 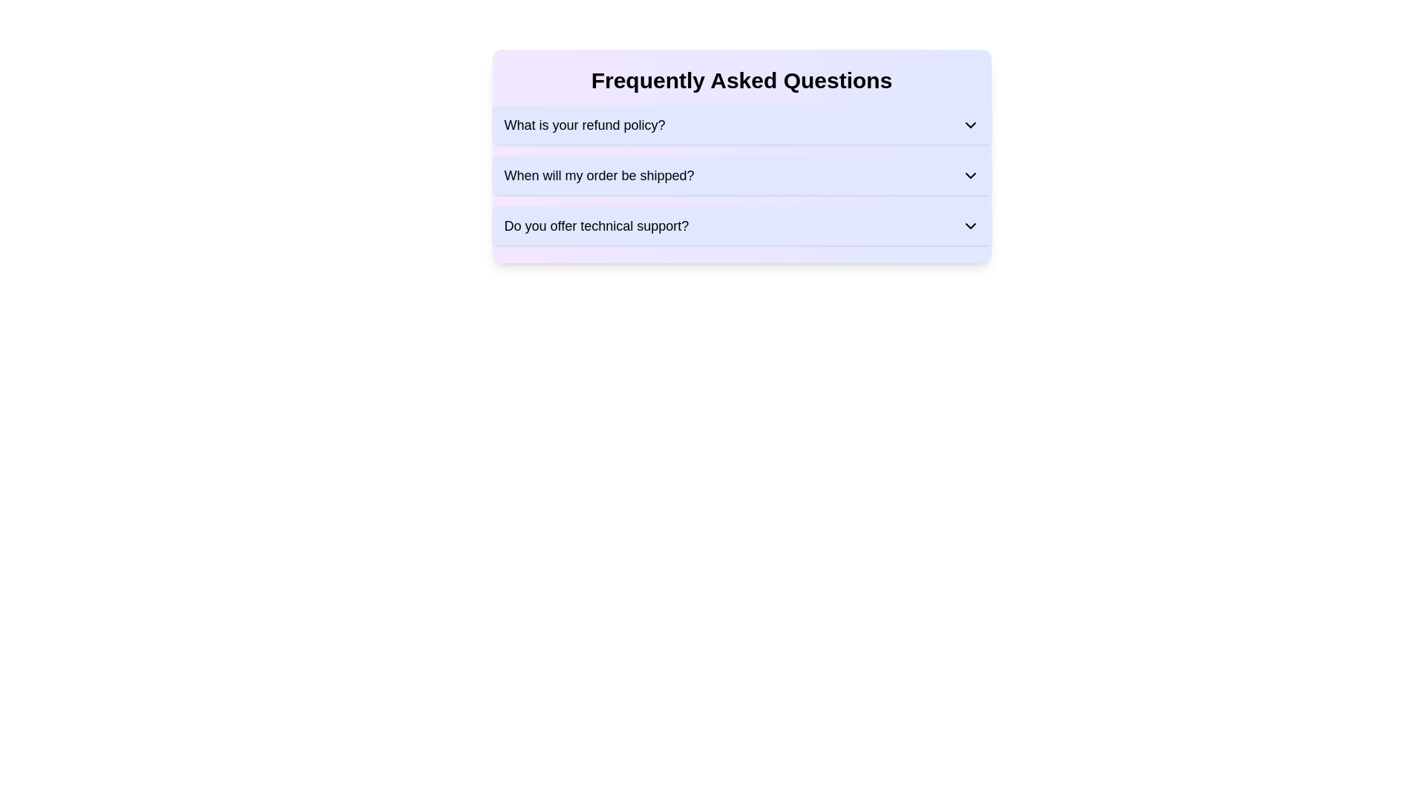 What do you see at coordinates (741, 225) in the screenshot?
I see `the Collapsible question panel that displays 'Do you offer technical support?'` at bounding box center [741, 225].